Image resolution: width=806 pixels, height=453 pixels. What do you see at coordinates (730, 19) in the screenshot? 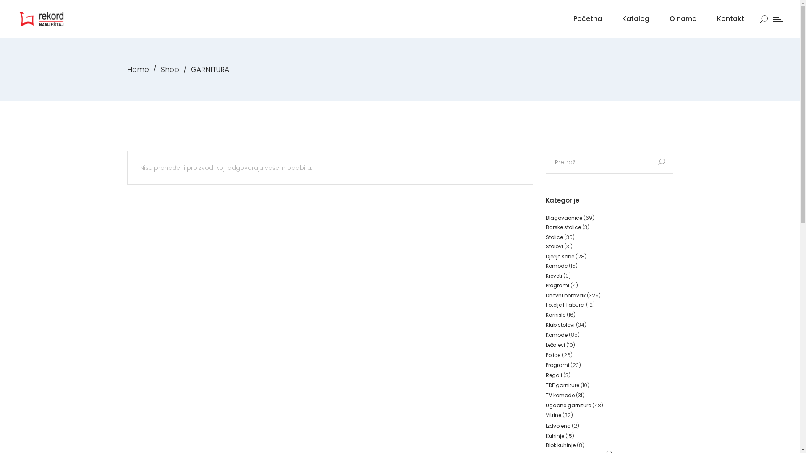
I see `'Kontakt'` at bounding box center [730, 19].